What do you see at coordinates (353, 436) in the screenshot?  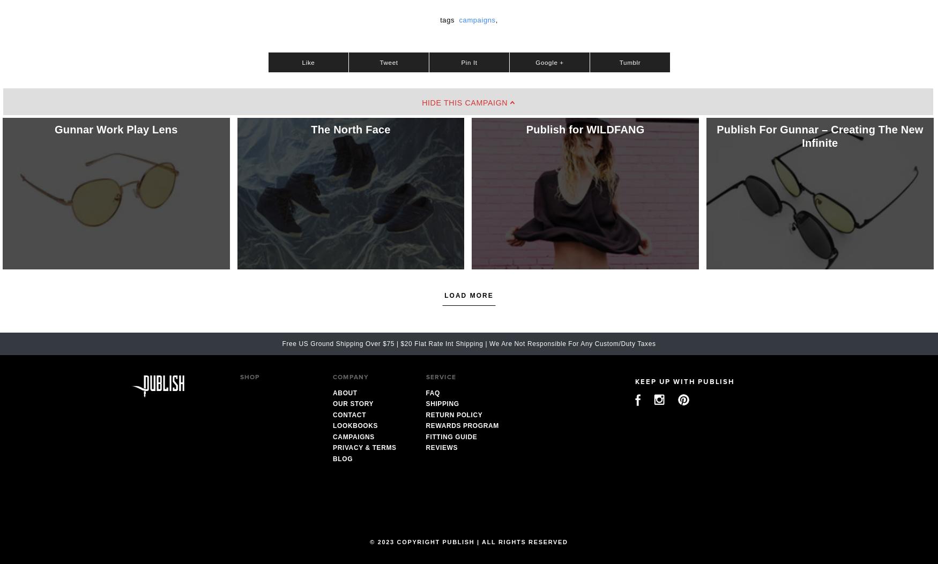 I see `'Campaigns'` at bounding box center [353, 436].